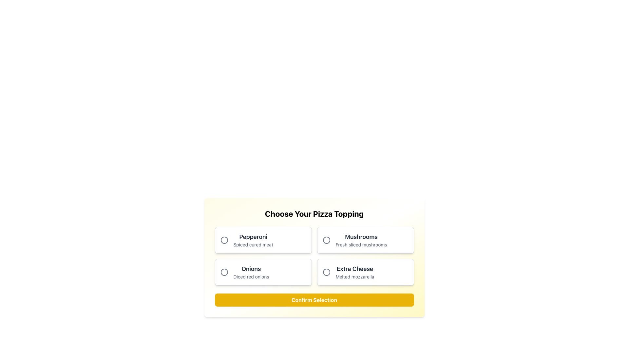 This screenshot has width=629, height=353. I want to click on the static text label that reads 'Spiced cured meat', which is located underneath the bold text 'Pepperoni' in the pizza topping options section, so click(253, 244).